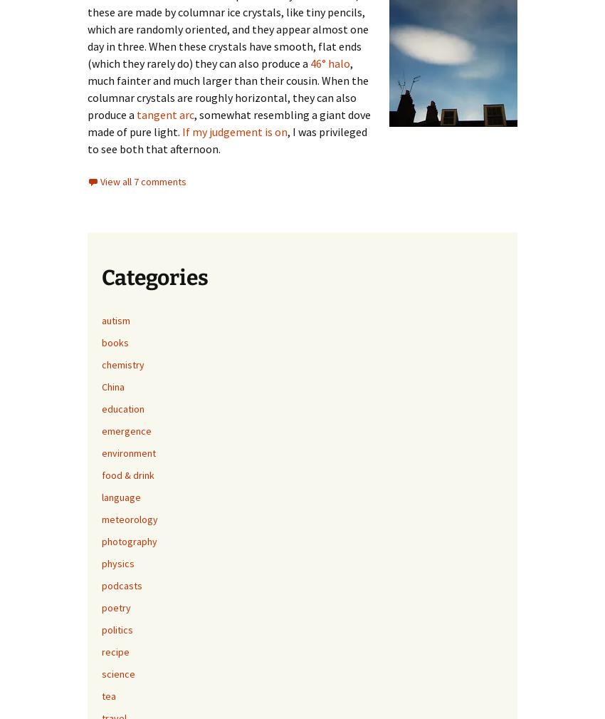 Image resolution: width=605 pixels, height=719 pixels. Describe the element at coordinates (118, 673) in the screenshot. I see `'science'` at that location.